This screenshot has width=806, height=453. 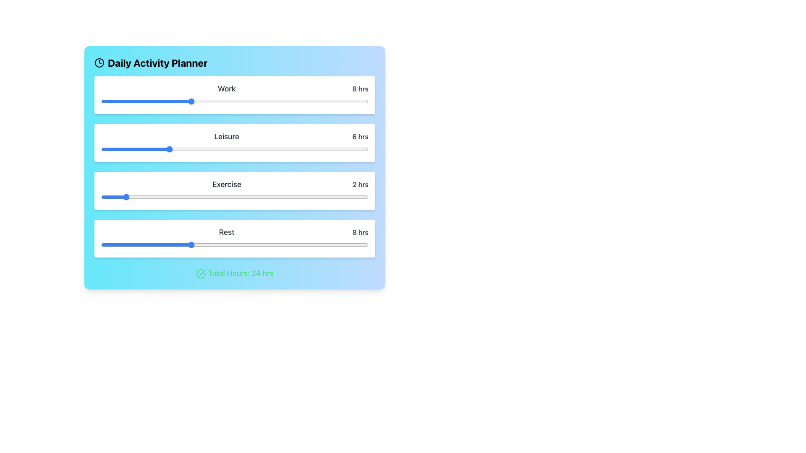 What do you see at coordinates (256, 101) in the screenshot?
I see `work hours` at bounding box center [256, 101].